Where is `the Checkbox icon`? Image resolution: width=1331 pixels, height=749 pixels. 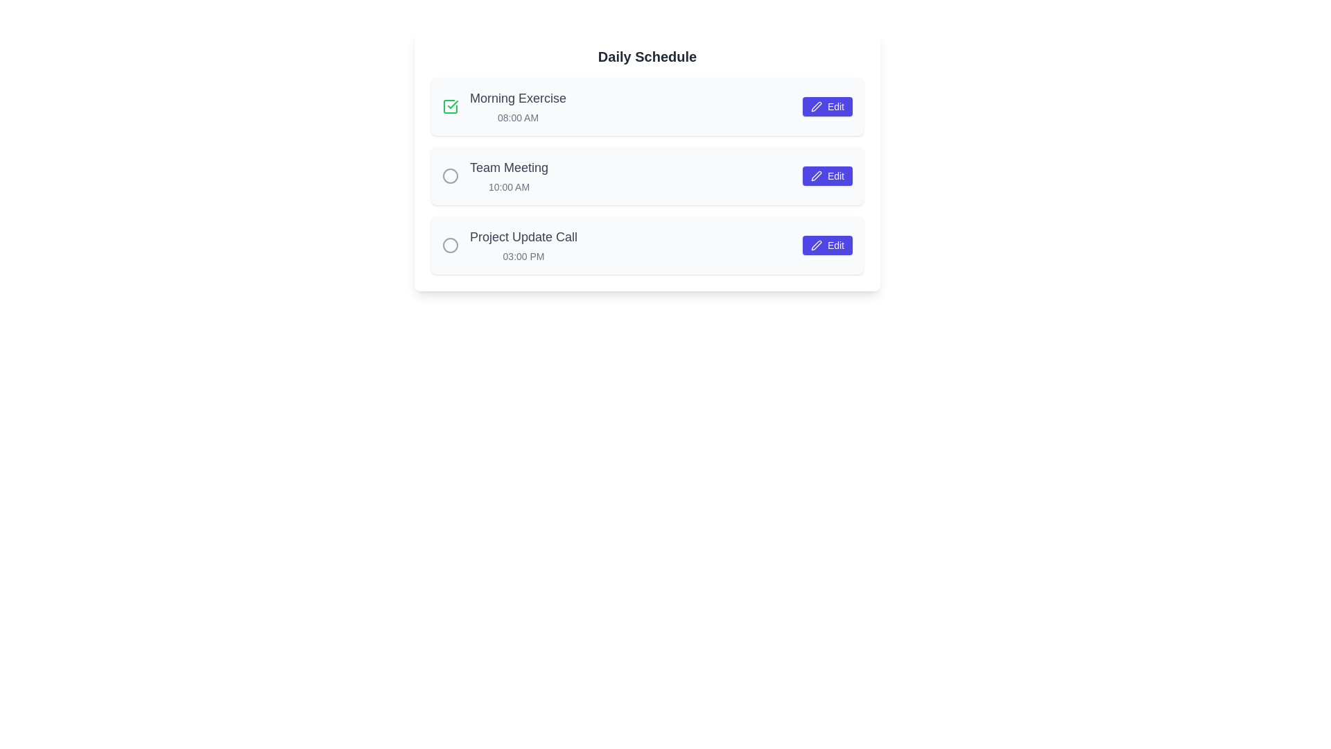 the Checkbox icon is located at coordinates (450, 106).